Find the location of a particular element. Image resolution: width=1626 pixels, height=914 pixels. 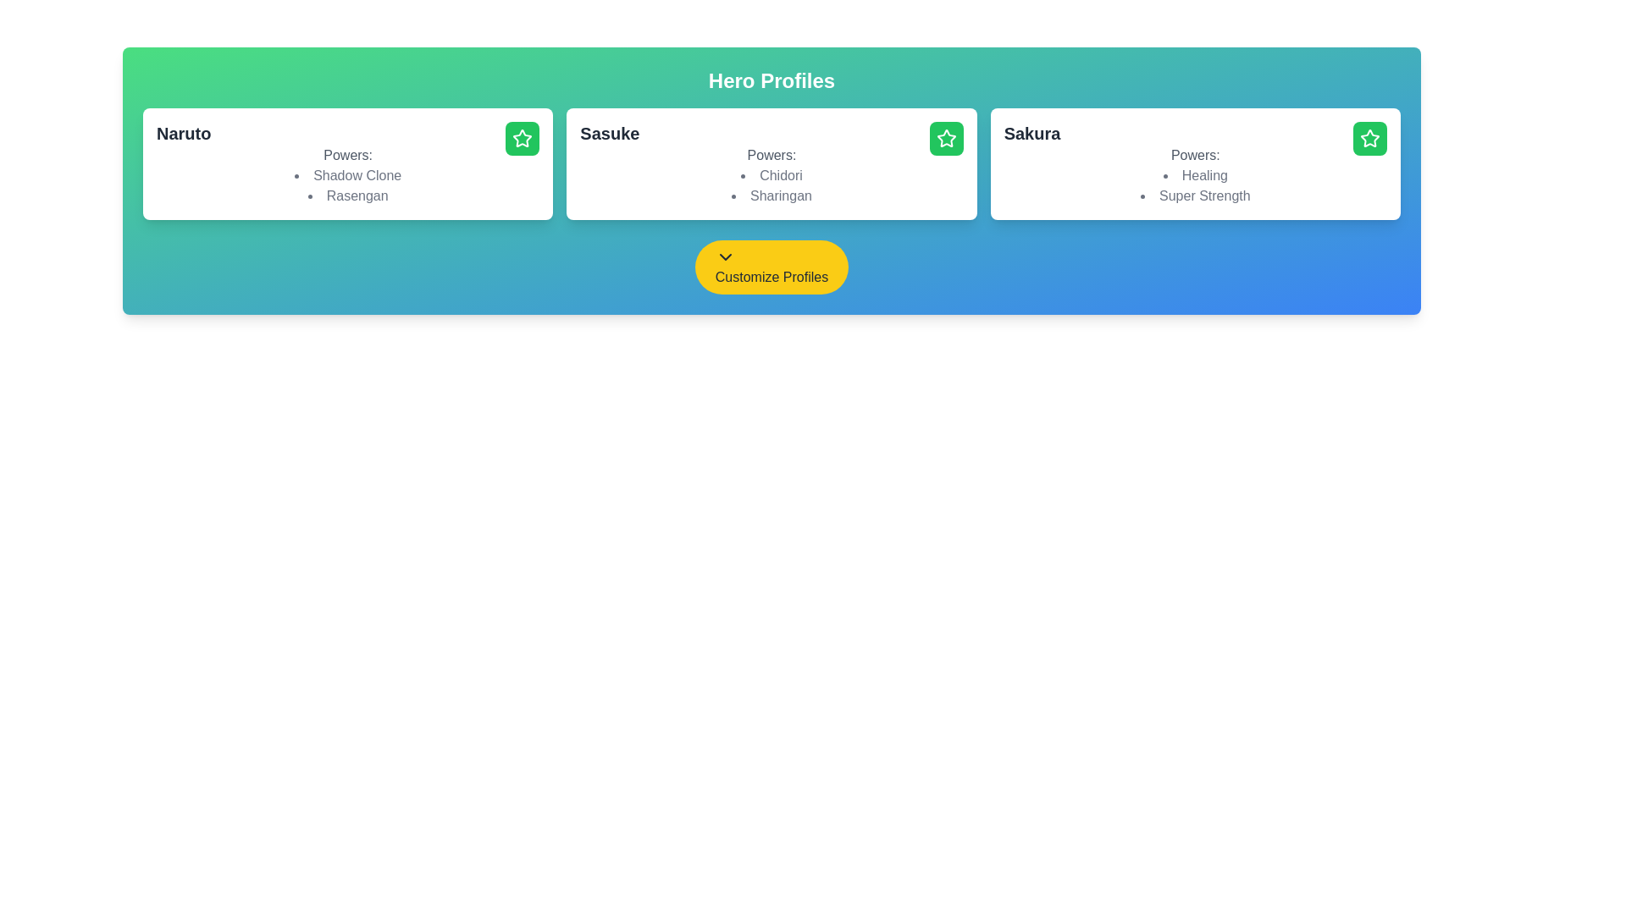

the star-shaped icon with a green outline and white background located at the top-right corner of Sakura's profile card is located at coordinates (1369, 137).